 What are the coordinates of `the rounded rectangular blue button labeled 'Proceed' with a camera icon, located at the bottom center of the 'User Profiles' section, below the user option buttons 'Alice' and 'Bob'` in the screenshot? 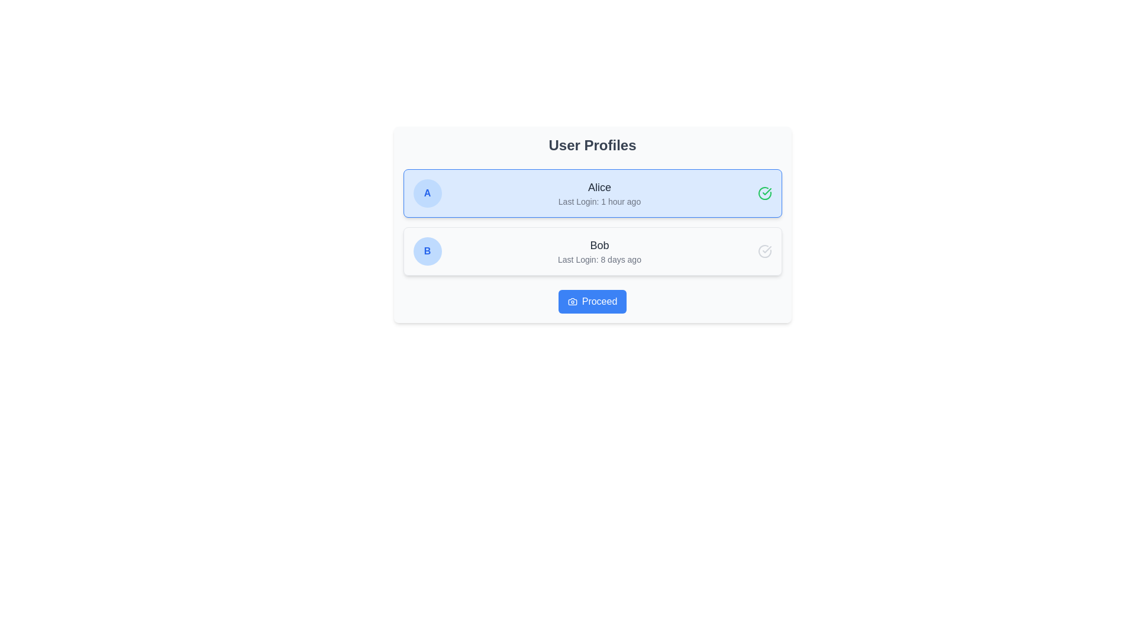 It's located at (592, 301).